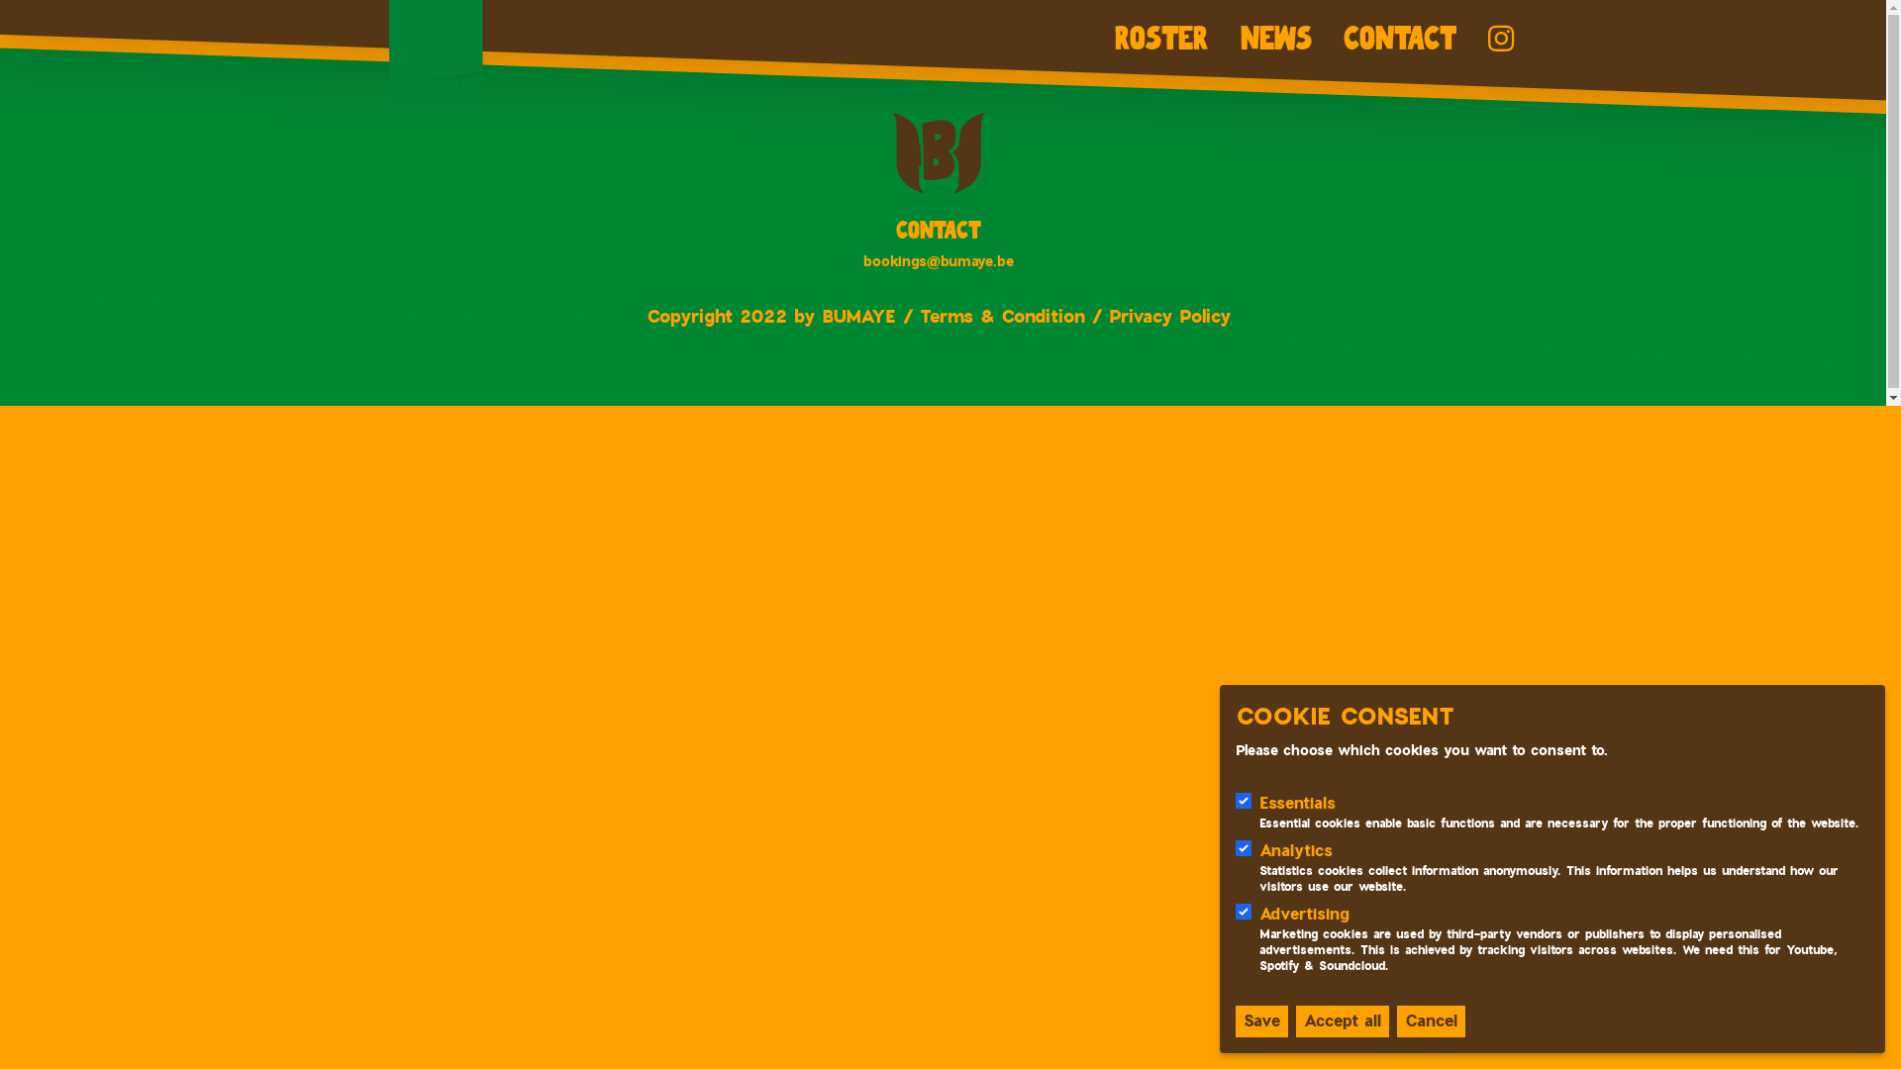 The width and height of the screenshot is (1901, 1069). Describe the element at coordinates (1343, 1021) in the screenshot. I see `'Accept all'` at that location.